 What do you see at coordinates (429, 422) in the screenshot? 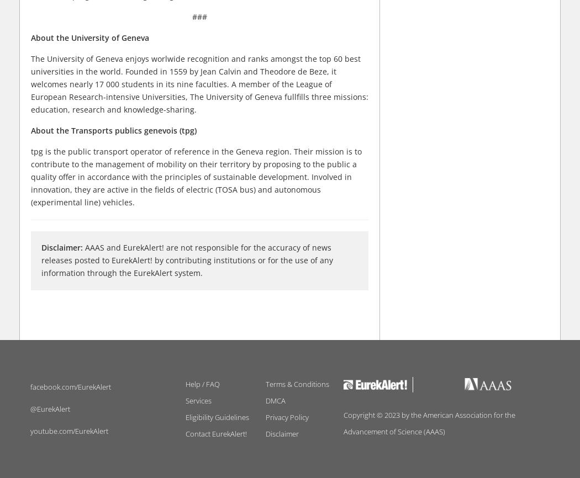
I see `'Copyright © 2023 by the American Association for the Advancement of Science (AAAS)'` at bounding box center [429, 422].